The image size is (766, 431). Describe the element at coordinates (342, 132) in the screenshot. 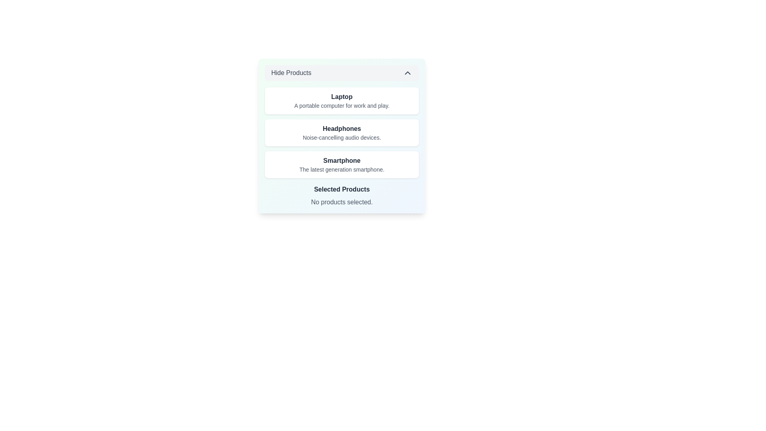

I see `the list item displaying 'Headphones' with the subtitle 'Noise-cancelling audio devices'` at that location.